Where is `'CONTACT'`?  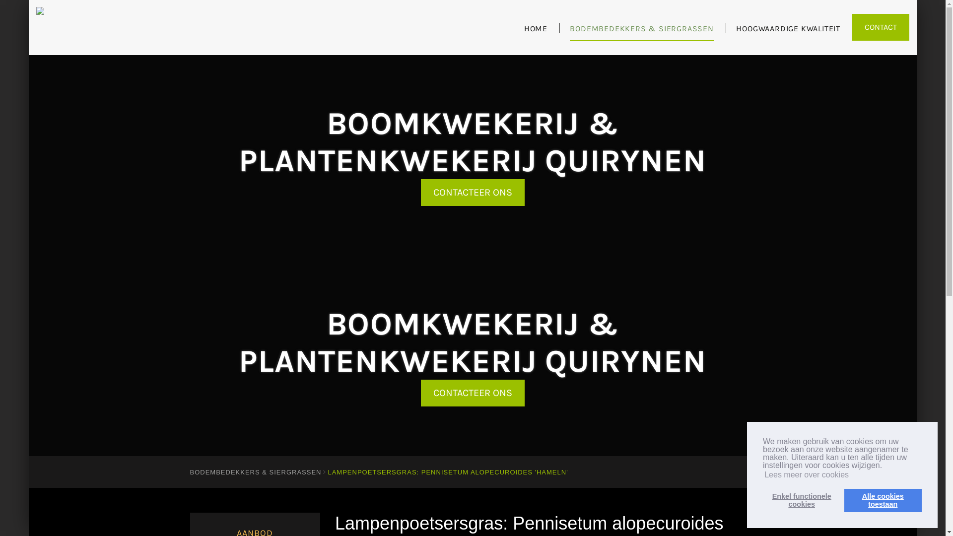 'CONTACT' is located at coordinates (852, 26).